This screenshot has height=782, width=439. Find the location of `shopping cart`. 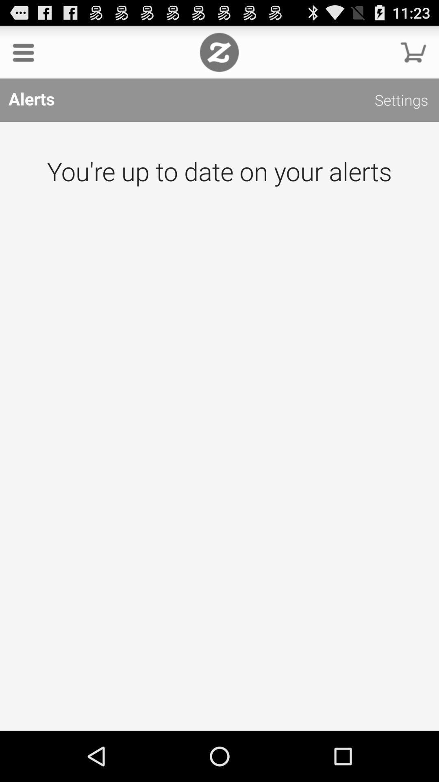

shopping cart is located at coordinates (413, 52).